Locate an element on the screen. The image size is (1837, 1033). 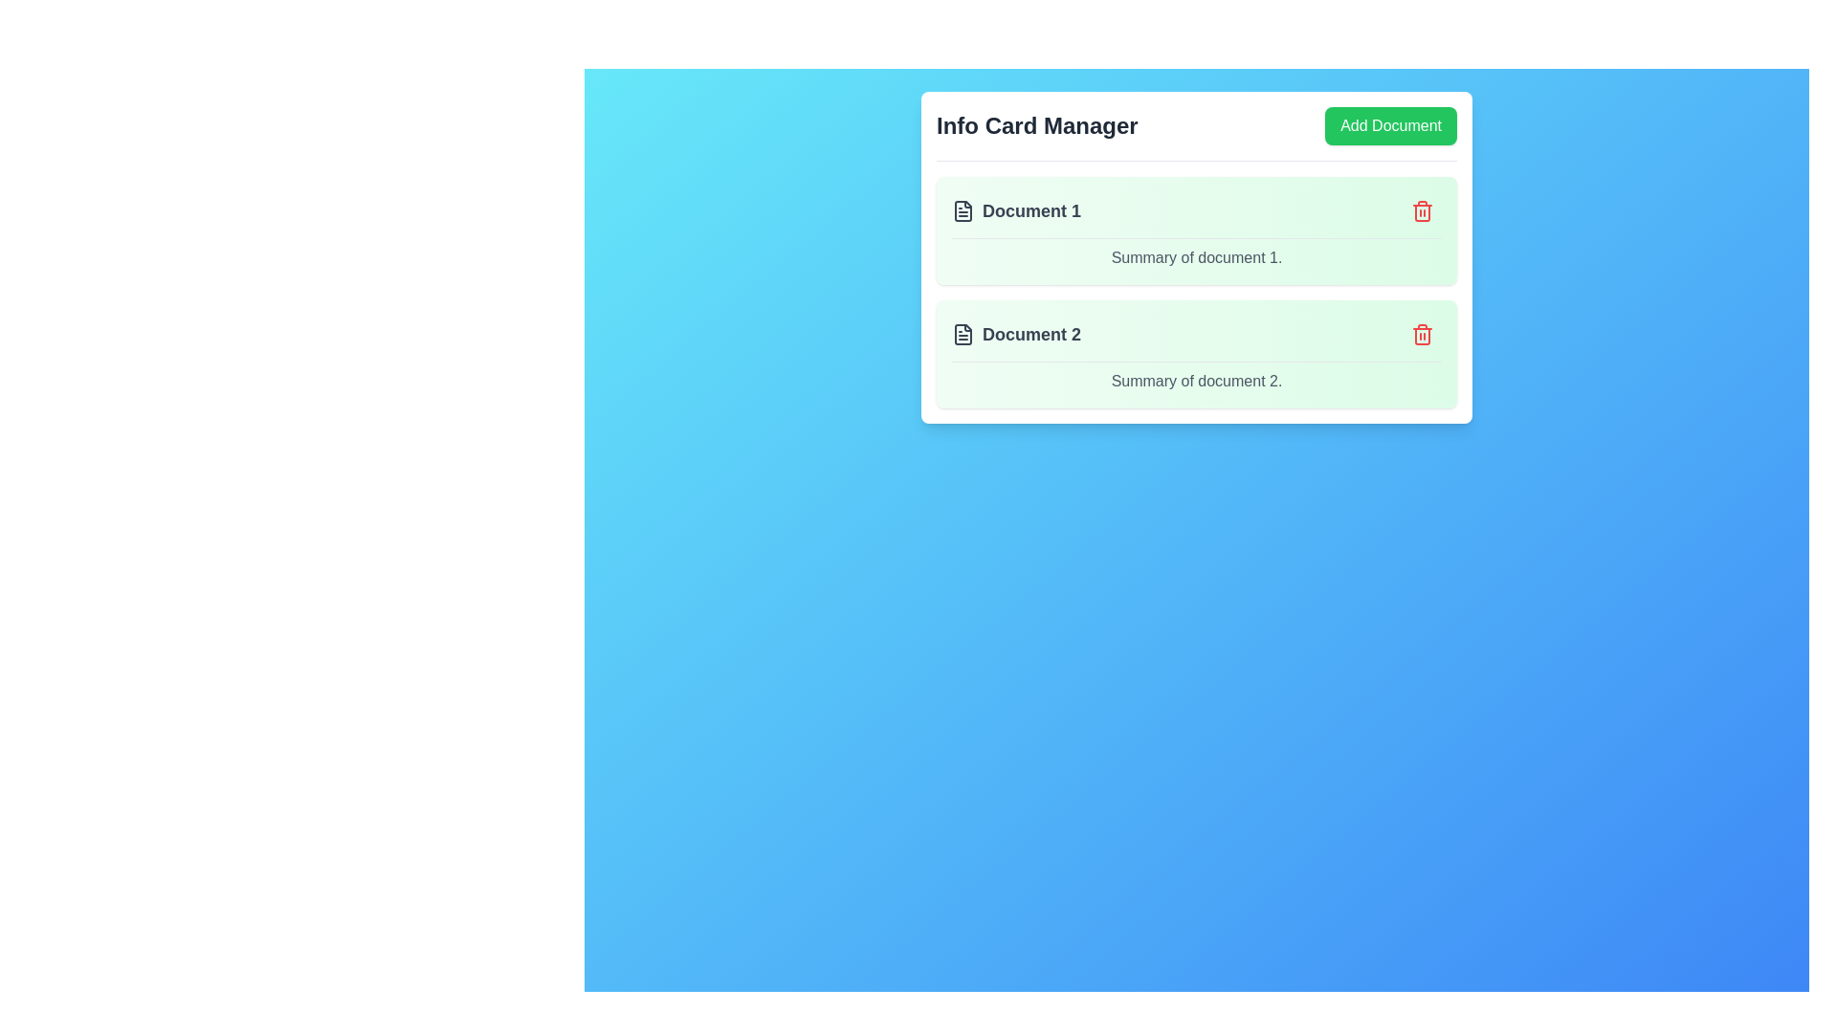
text content of the static label located within the card titled 'Document 1', which provides a summary of the associated document is located at coordinates (1196, 258).